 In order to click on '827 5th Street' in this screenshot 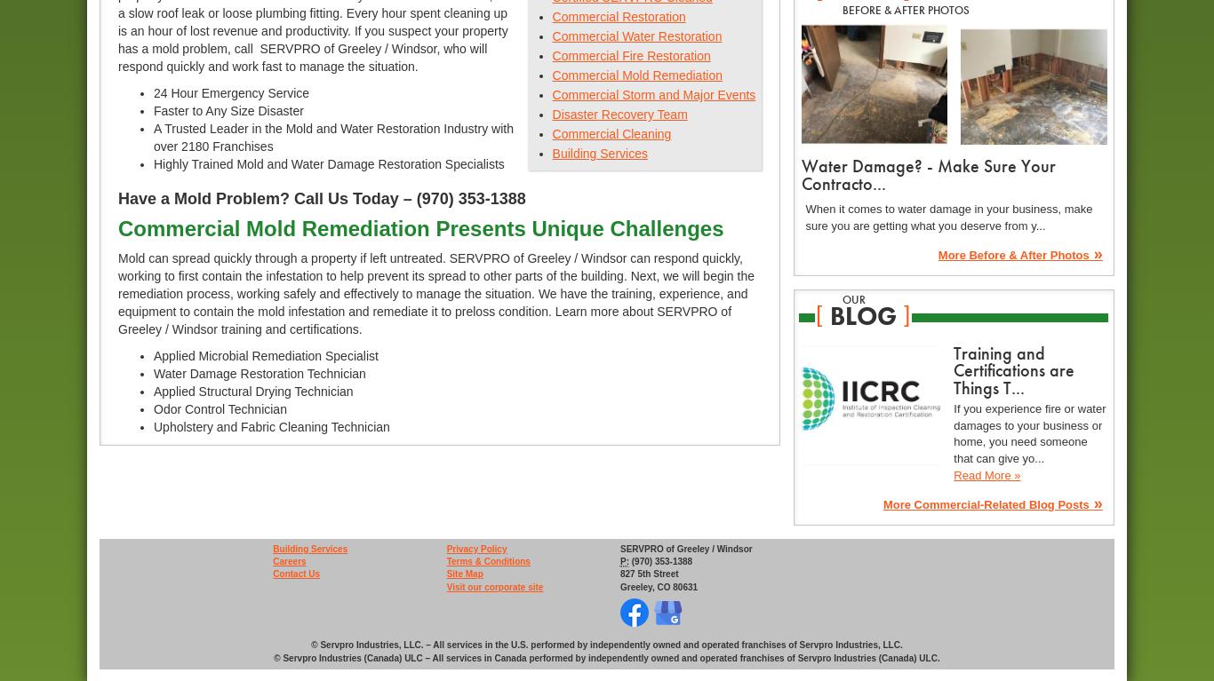, I will do `click(648, 573)`.